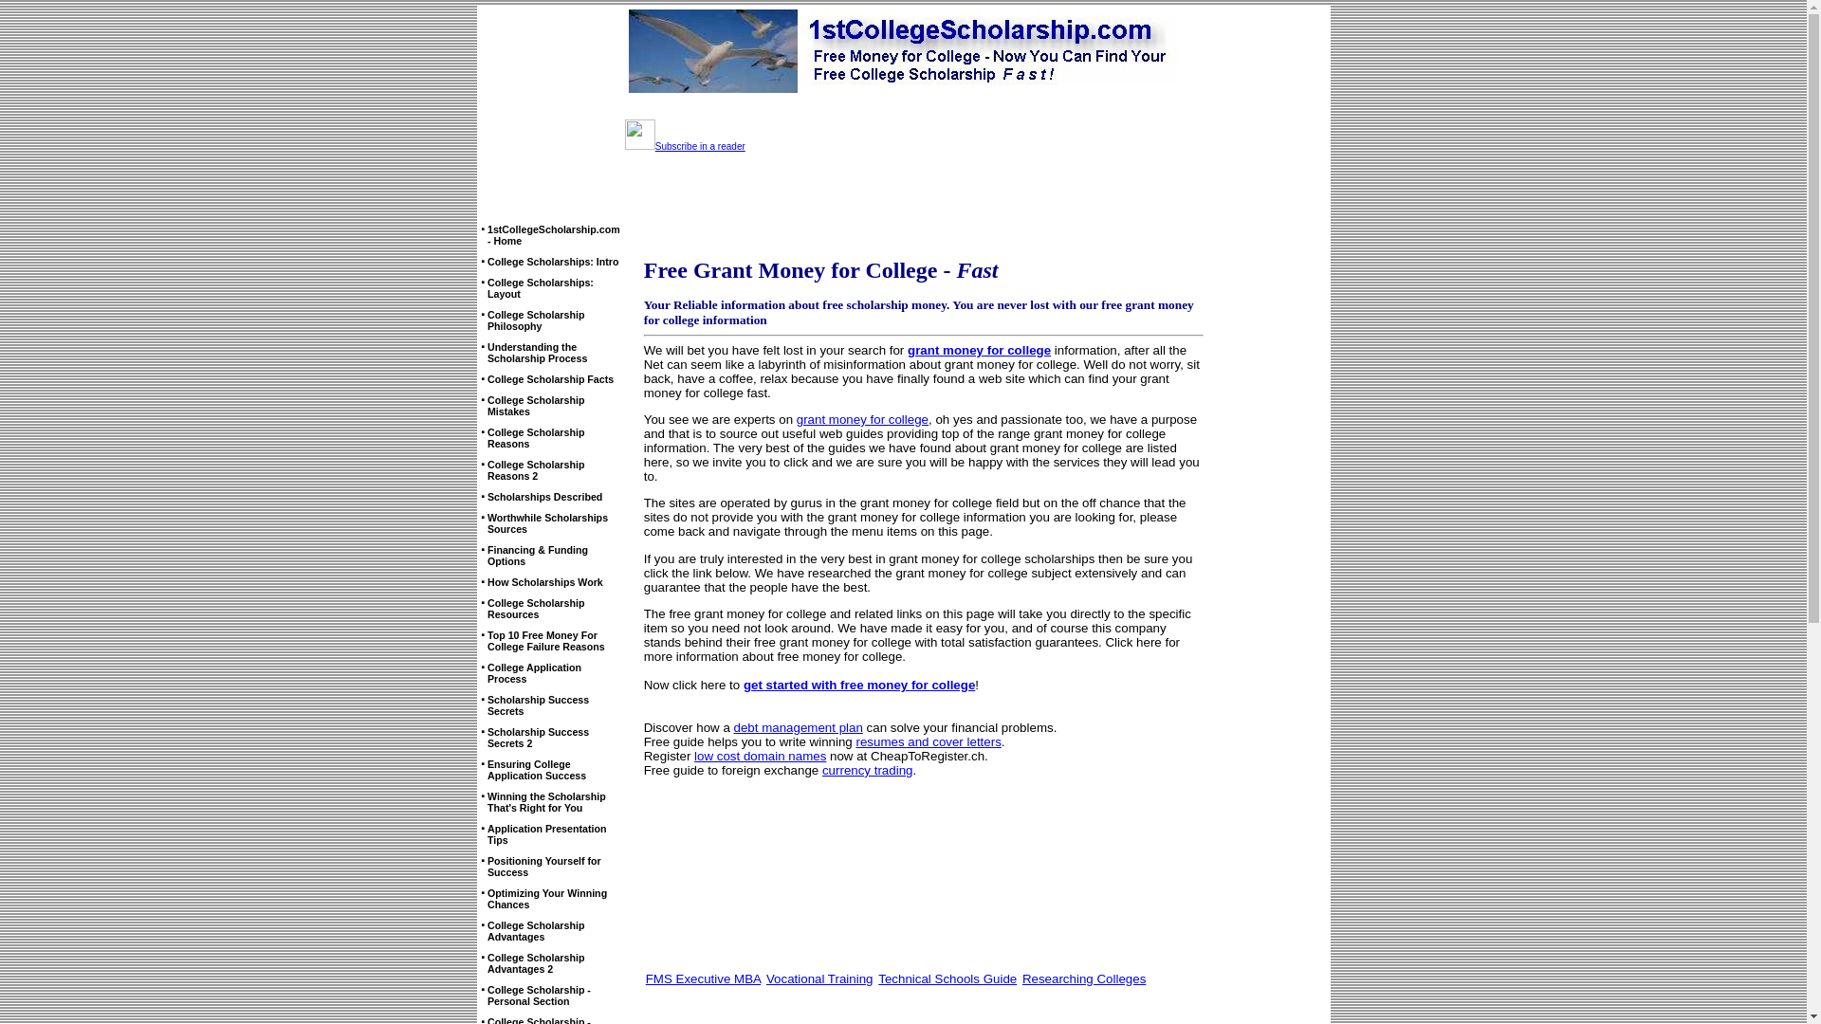  What do you see at coordinates (487, 671) in the screenshot?
I see `'College Application Process'` at bounding box center [487, 671].